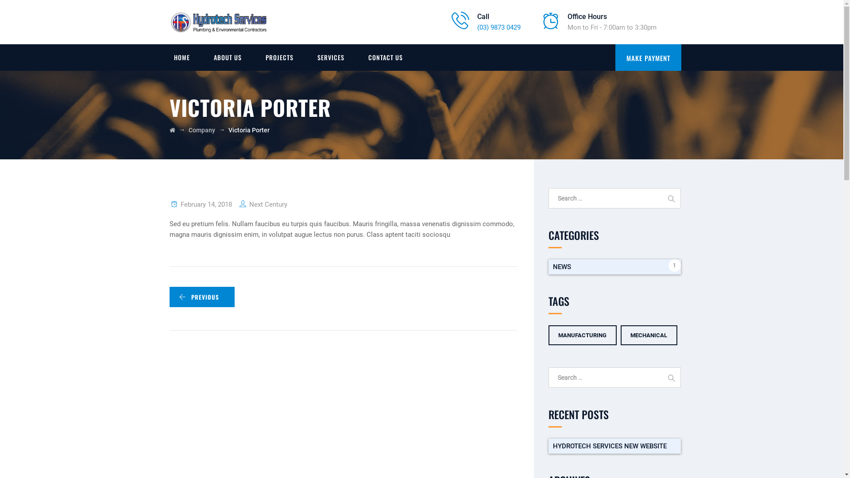  What do you see at coordinates (614, 266) in the screenshot?
I see `'NEWS'` at bounding box center [614, 266].